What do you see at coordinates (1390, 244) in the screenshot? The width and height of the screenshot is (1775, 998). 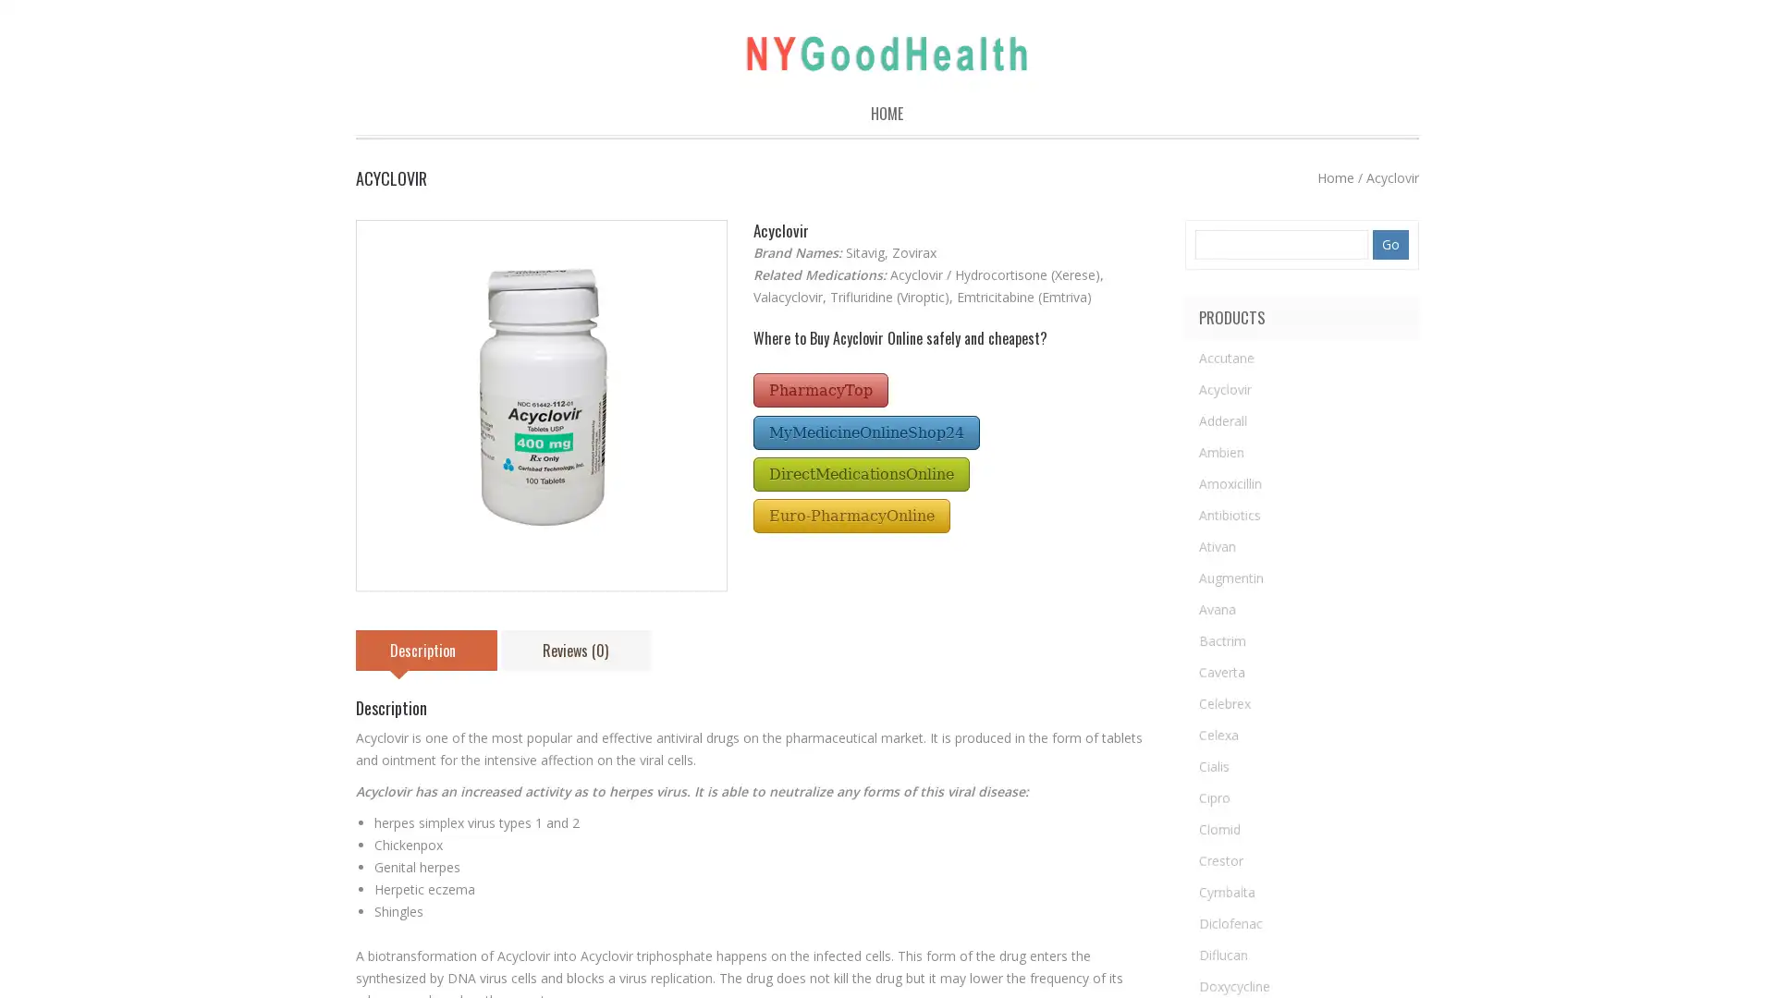 I see `Go` at bounding box center [1390, 244].